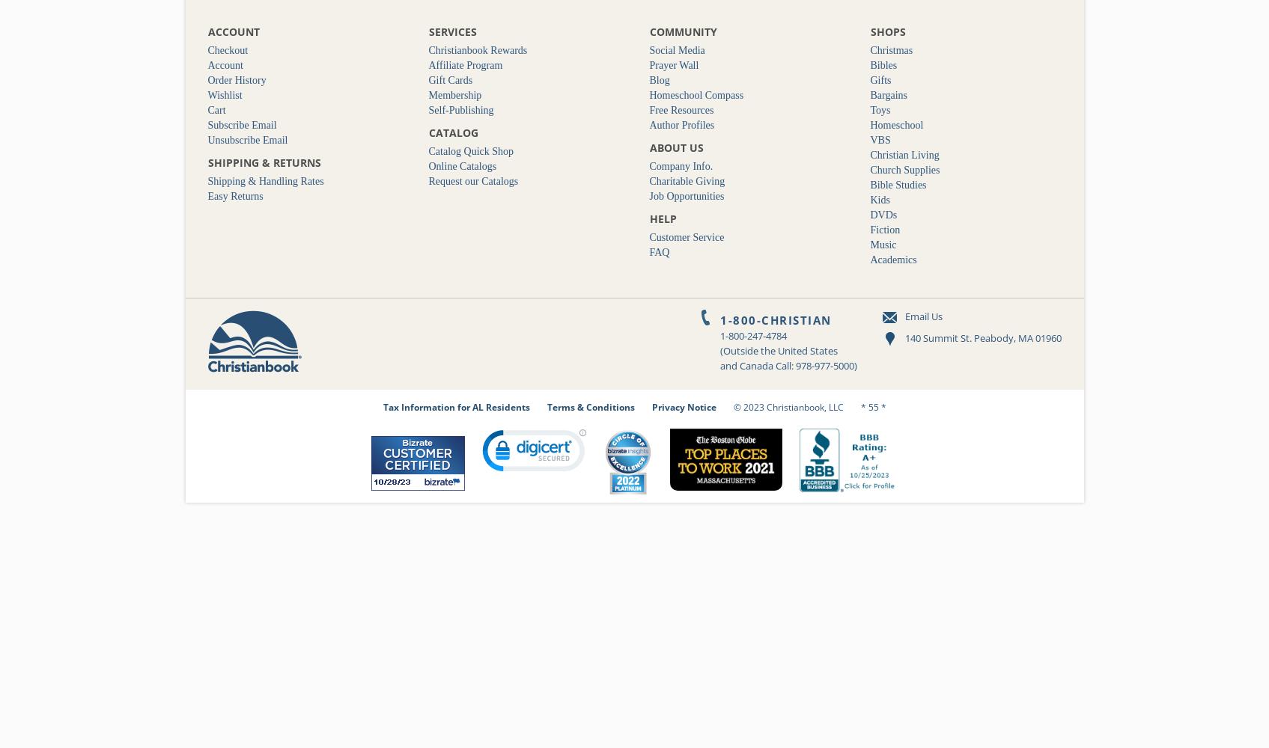 The height and width of the screenshot is (748, 1269). I want to click on '1-800-247-4784', so click(752, 334).